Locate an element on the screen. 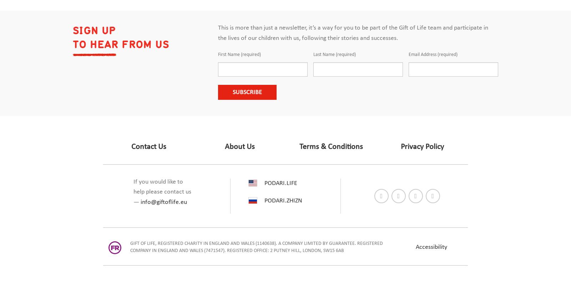  'Terms & Conditions' is located at coordinates (330, 147).